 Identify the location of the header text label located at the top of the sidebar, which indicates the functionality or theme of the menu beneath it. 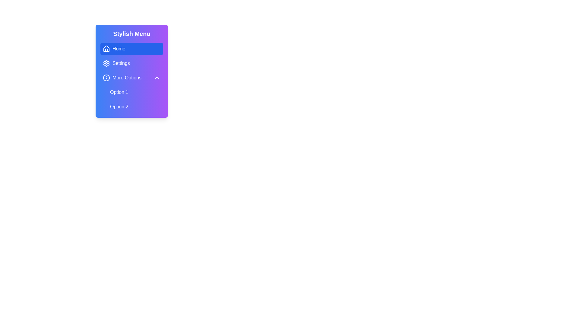
(131, 34).